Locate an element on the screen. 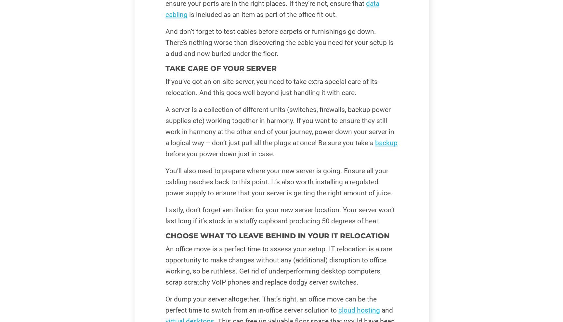  'is included as an item as part of the office fit-out.' is located at coordinates (262, 14).